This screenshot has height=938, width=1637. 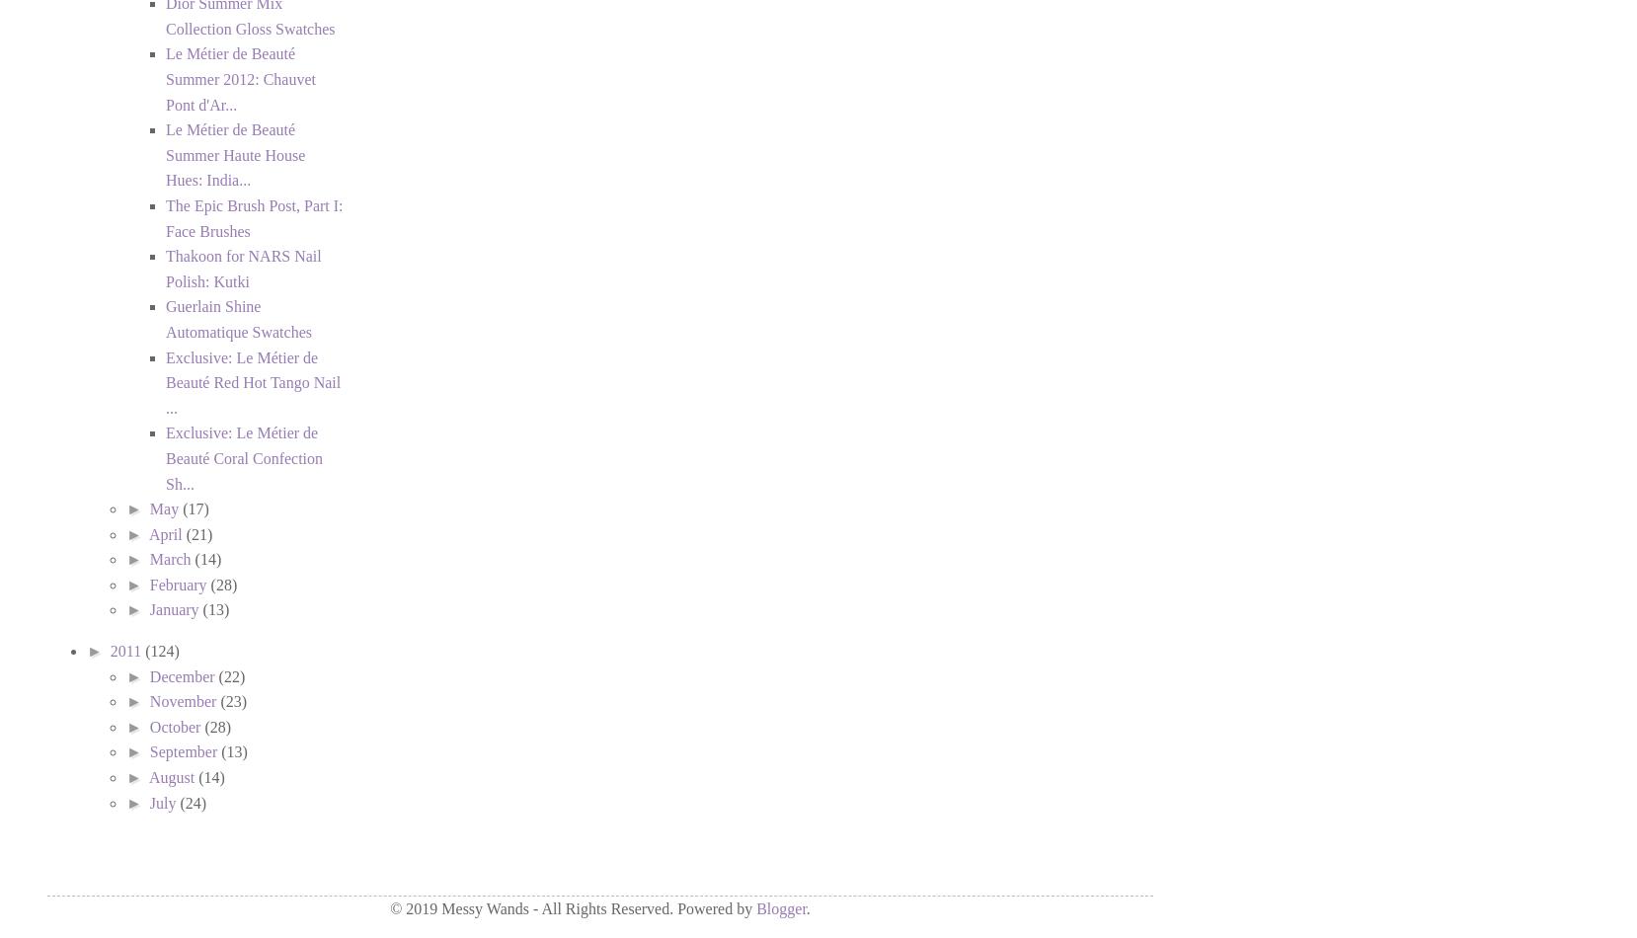 What do you see at coordinates (781, 907) in the screenshot?
I see `'Blogger'` at bounding box center [781, 907].